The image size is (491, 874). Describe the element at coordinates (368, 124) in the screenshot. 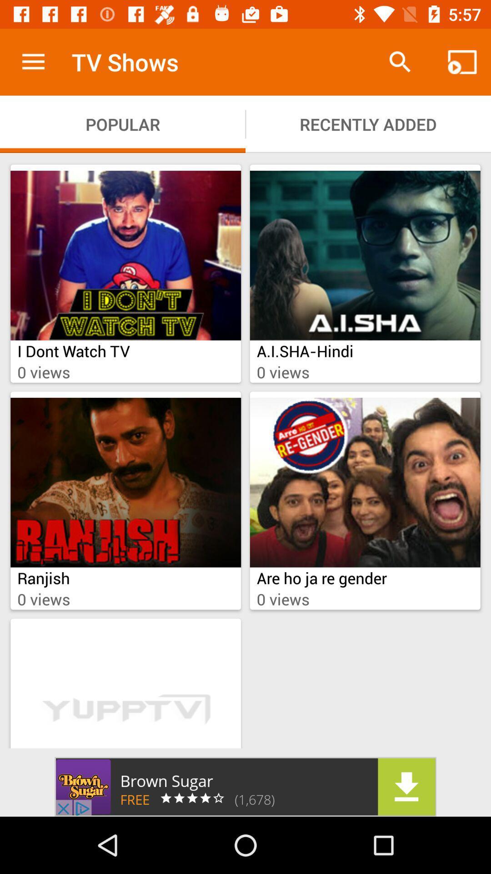

I see `the button right to the popular button` at that location.